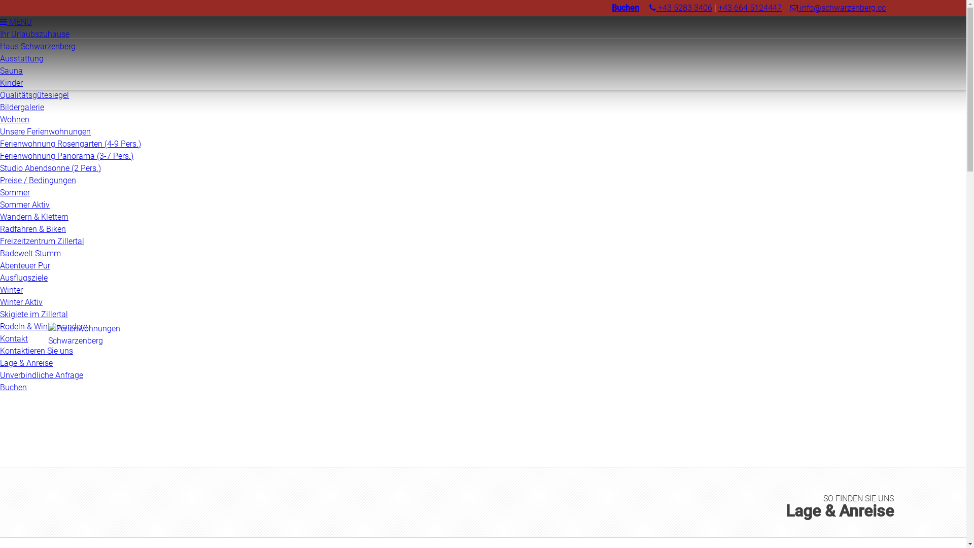 Image resolution: width=974 pixels, height=548 pixels. What do you see at coordinates (22, 107) in the screenshot?
I see `'Bildergalerie'` at bounding box center [22, 107].